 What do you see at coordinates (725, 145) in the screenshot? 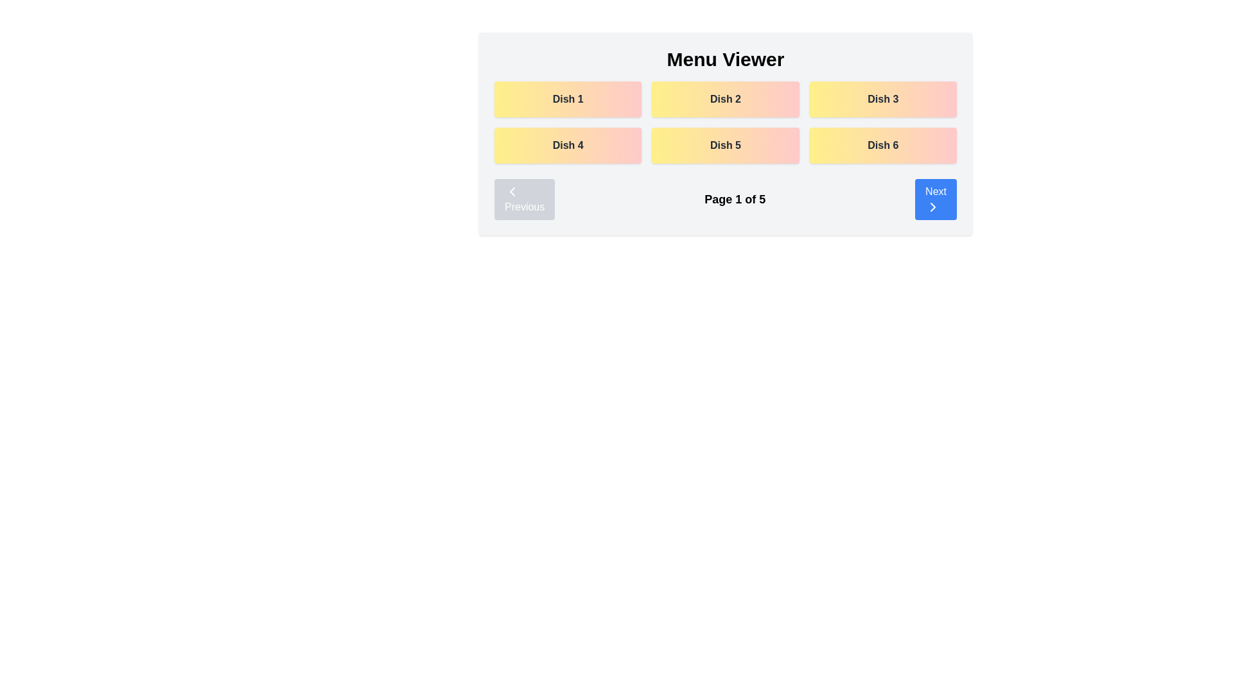
I see `the 'Dish 5' button, which is a rectangular button with a gradient background and bold, centered text` at bounding box center [725, 145].